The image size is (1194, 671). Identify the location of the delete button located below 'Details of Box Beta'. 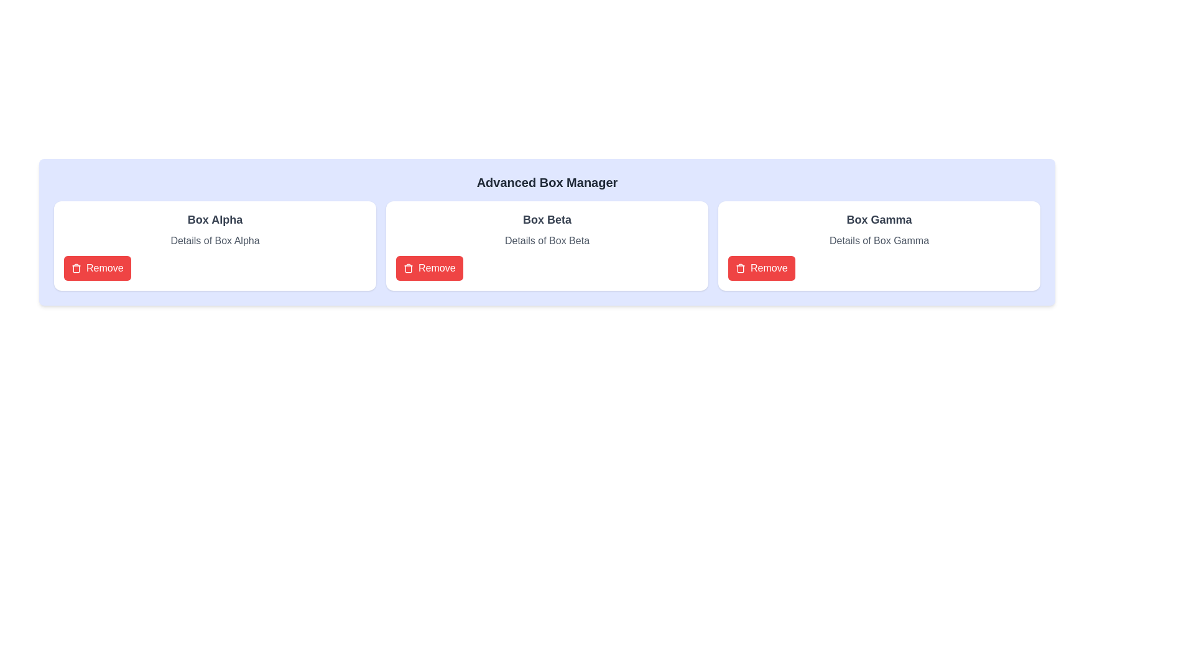
(429, 268).